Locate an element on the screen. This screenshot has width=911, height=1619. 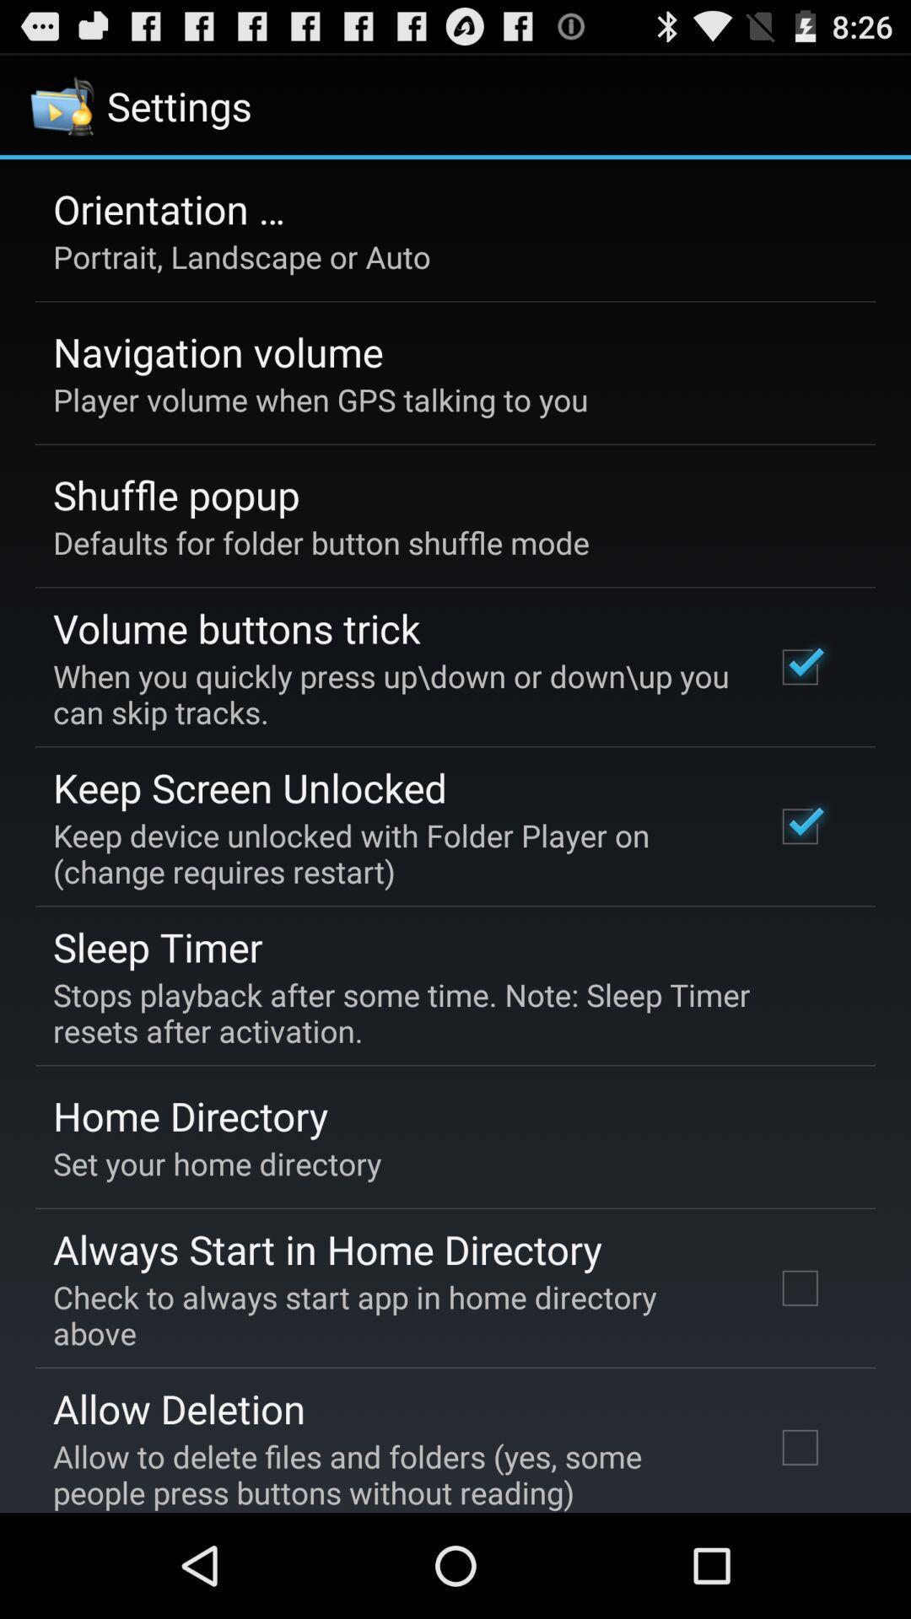
the item below the always start in is located at coordinates (391, 1314).